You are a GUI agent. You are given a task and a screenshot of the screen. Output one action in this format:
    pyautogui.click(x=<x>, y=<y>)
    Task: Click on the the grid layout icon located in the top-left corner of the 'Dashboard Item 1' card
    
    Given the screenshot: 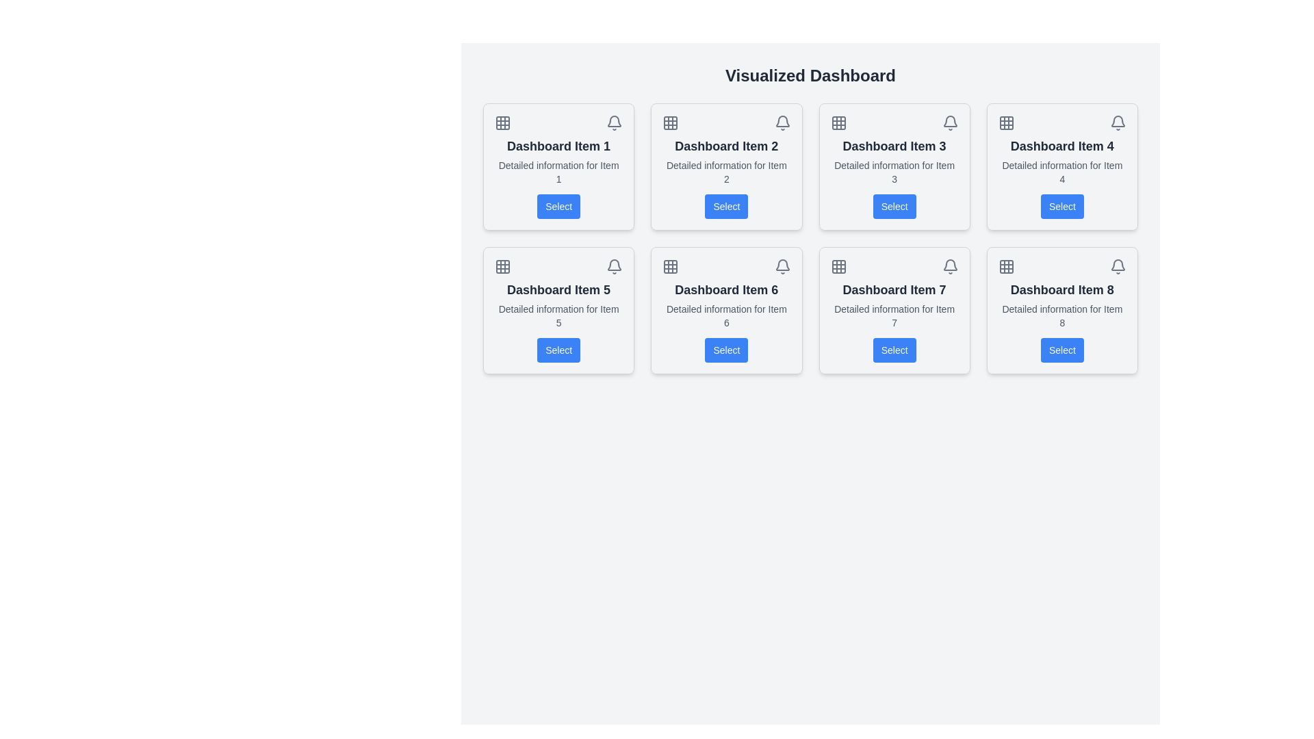 What is the action you would take?
    pyautogui.click(x=502, y=123)
    